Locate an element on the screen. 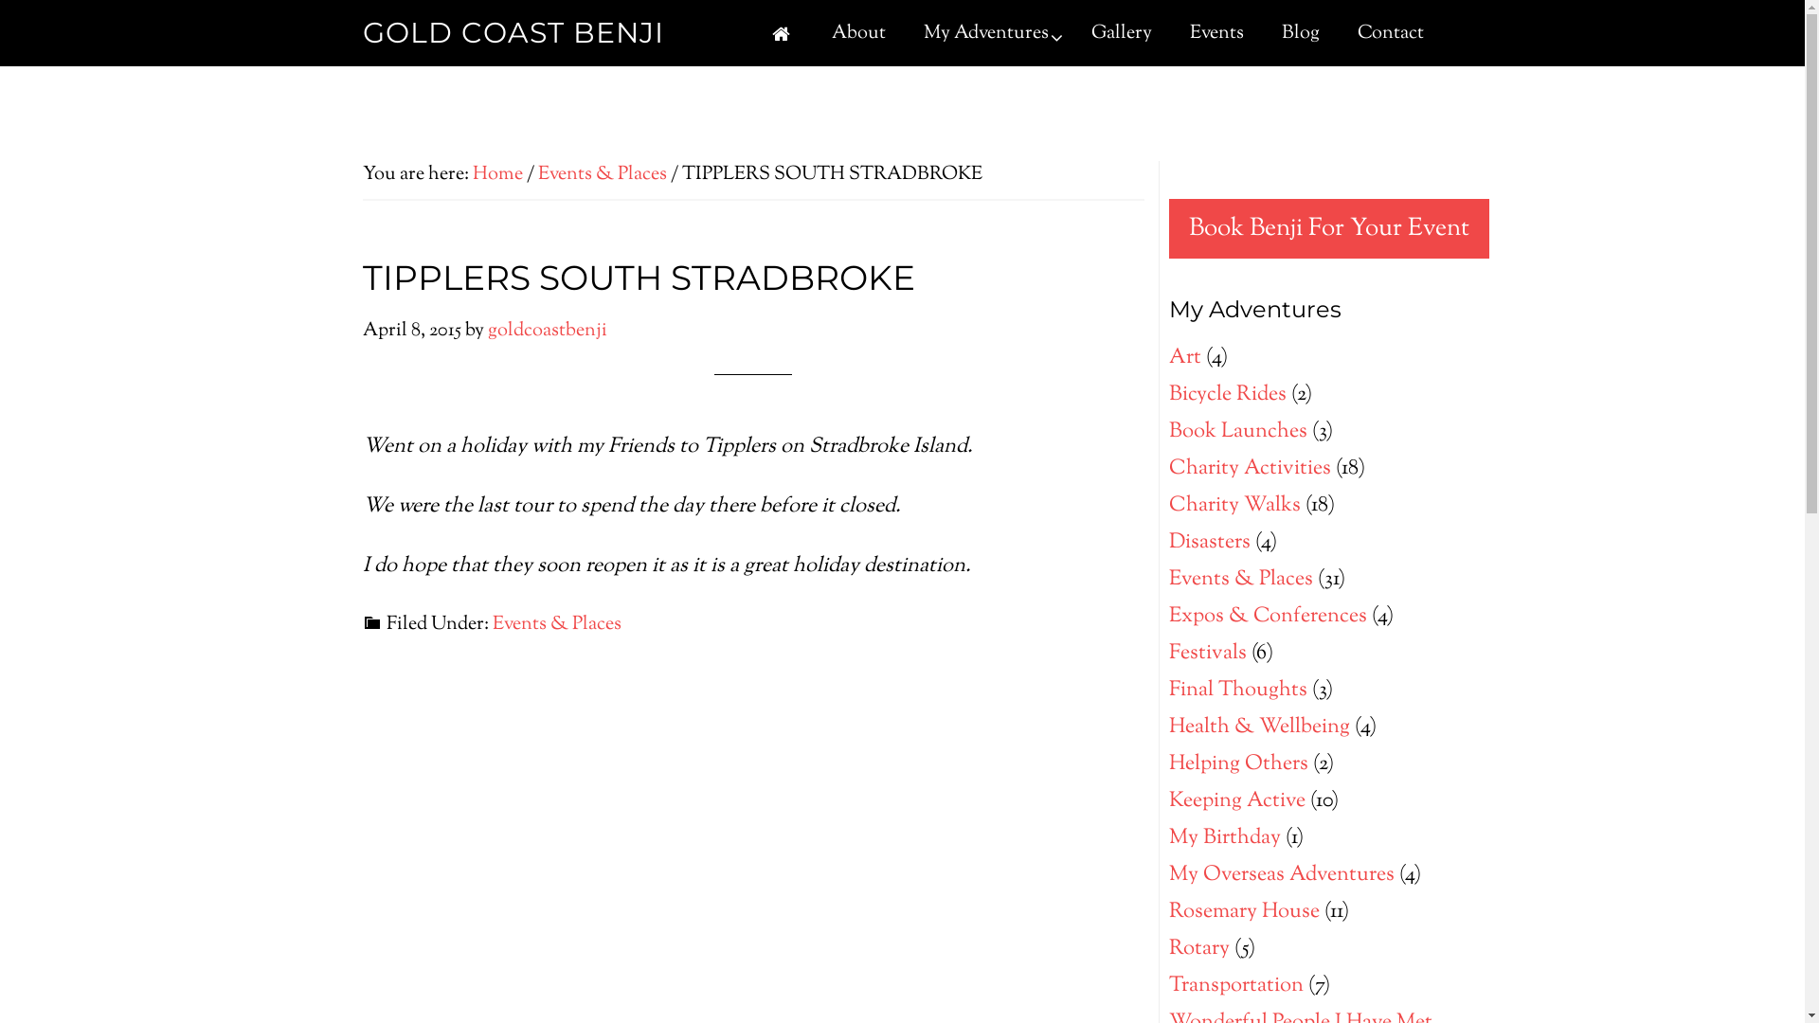  'Events' is located at coordinates (1216, 33).